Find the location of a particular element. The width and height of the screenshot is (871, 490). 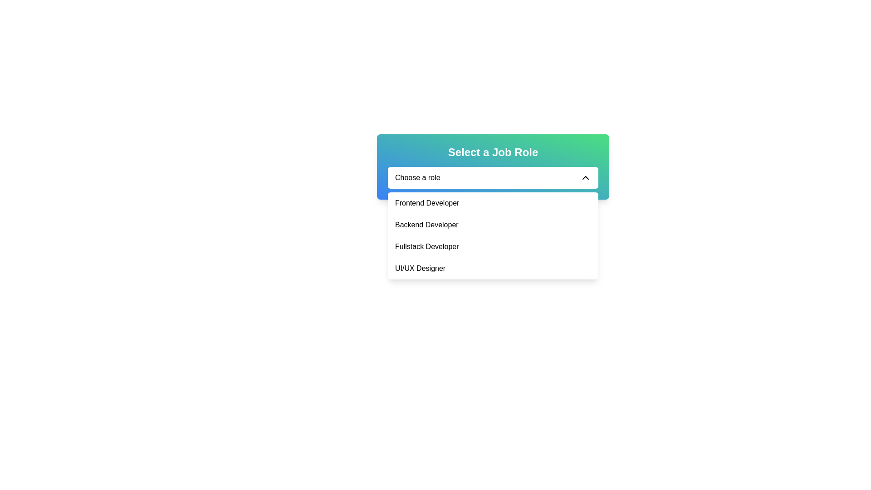

the third option 'Fullstack Developer' in the dropdown menu located below 'Choose a role' is located at coordinates (492, 235).